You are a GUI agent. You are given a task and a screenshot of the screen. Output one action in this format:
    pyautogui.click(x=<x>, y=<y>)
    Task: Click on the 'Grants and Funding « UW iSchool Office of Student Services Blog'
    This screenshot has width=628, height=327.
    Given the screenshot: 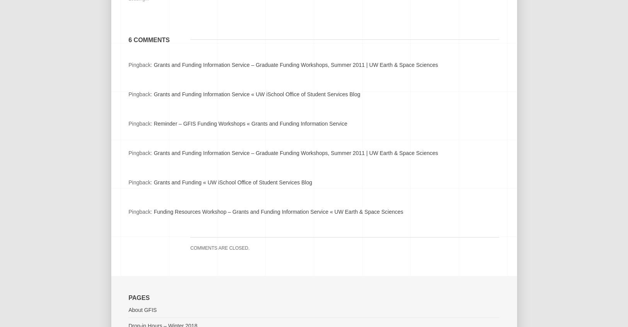 What is the action you would take?
    pyautogui.click(x=232, y=182)
    